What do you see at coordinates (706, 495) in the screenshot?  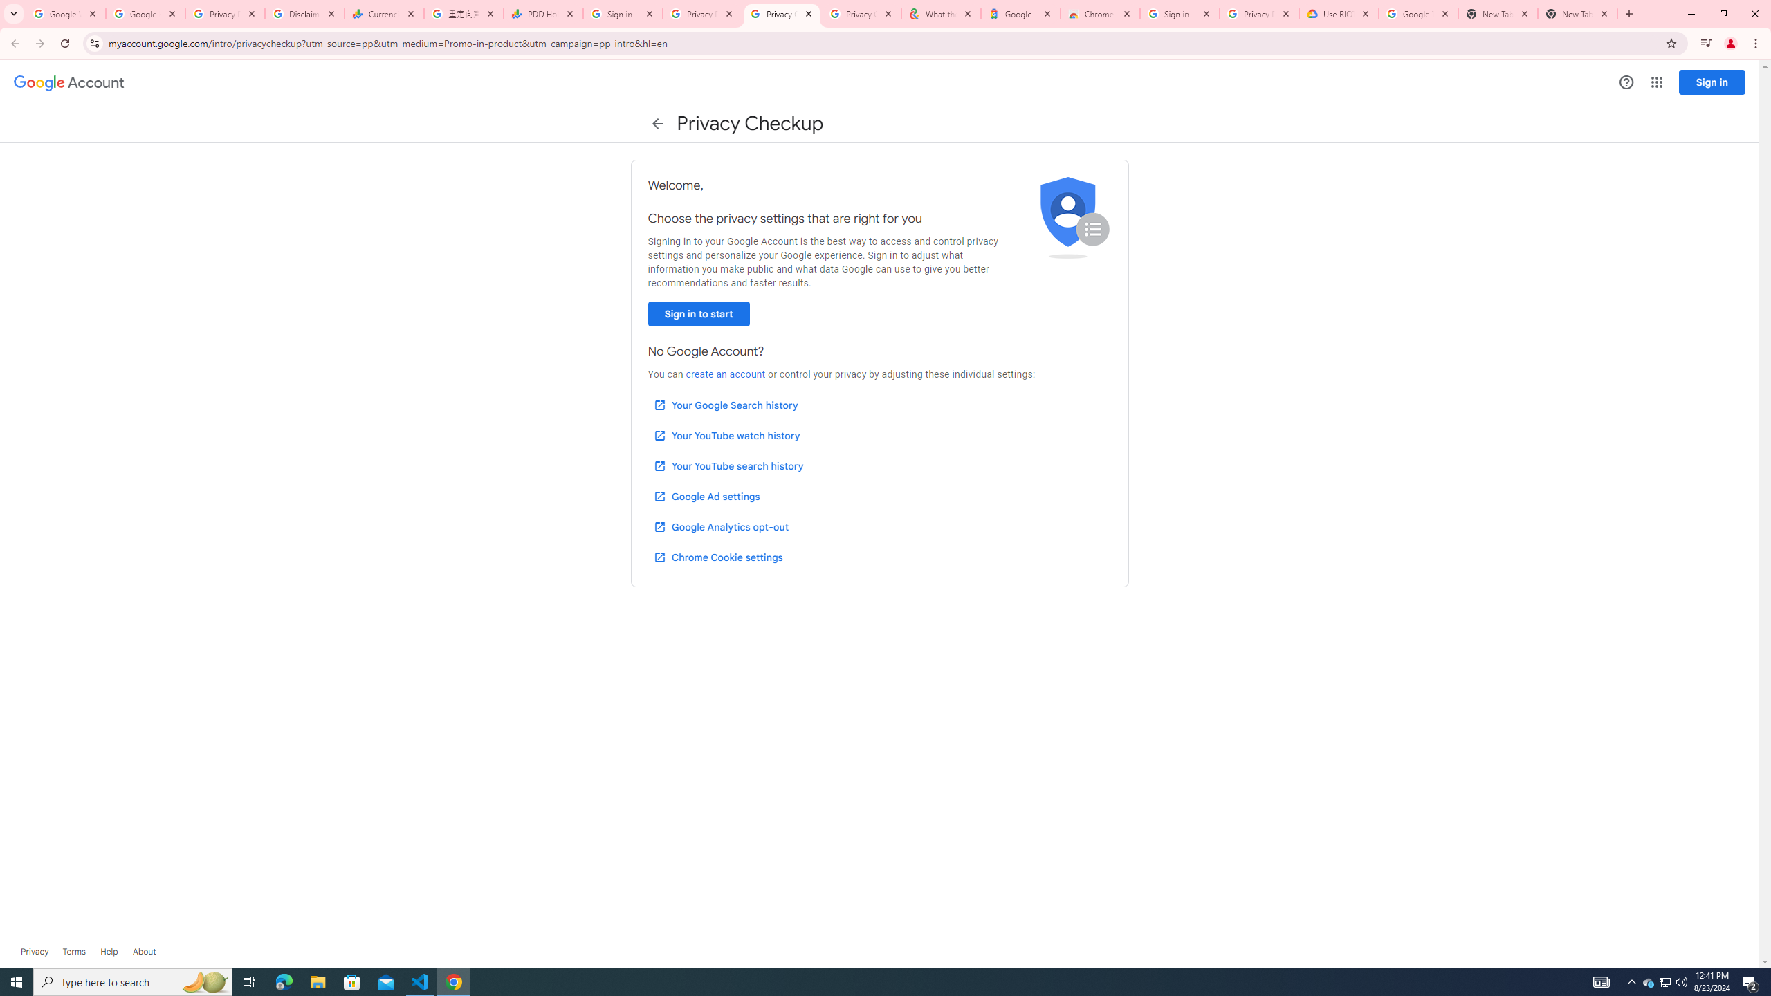 I see `'Google Ad settings'` at bounding box center [706, 495].